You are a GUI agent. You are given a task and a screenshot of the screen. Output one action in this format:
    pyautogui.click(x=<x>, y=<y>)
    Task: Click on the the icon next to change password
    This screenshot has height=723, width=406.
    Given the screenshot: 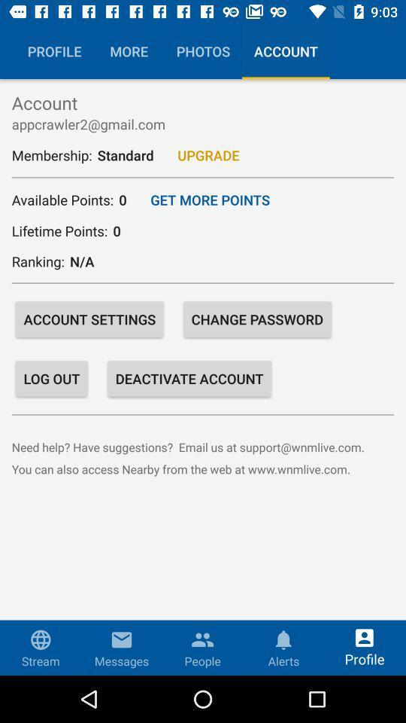 What is the action you would take?
    pyautogui.click(x=89, y=319)
    